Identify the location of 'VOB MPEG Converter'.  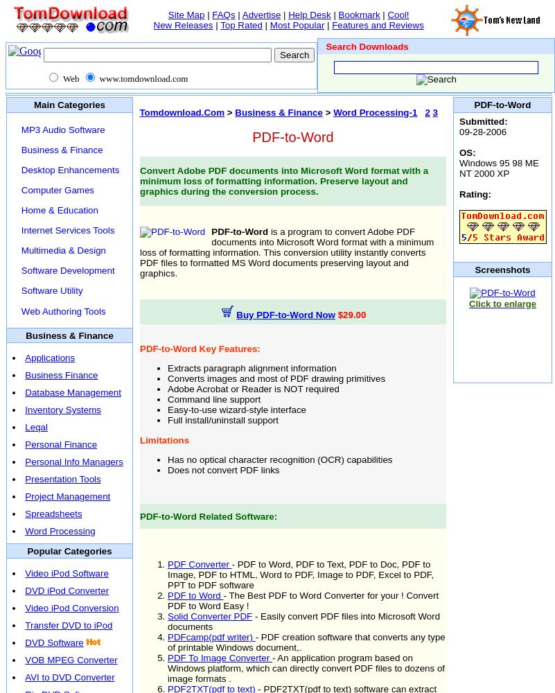
(71, 659).